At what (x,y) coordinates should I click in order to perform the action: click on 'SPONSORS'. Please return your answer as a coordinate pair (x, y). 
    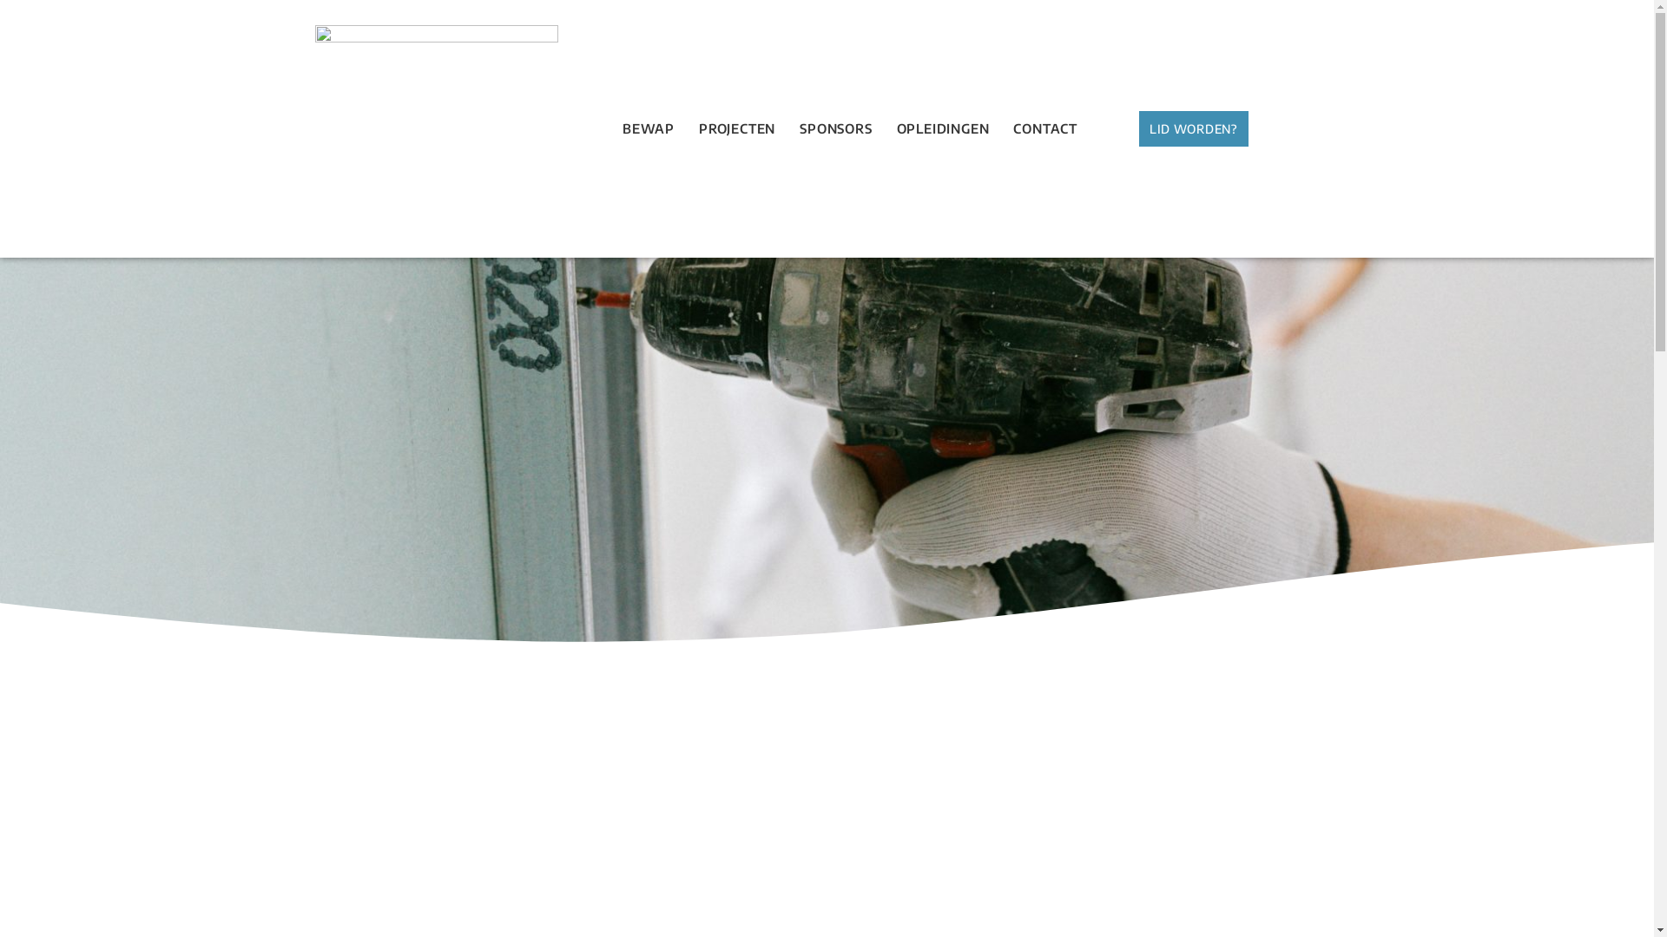
    Looking at the image, I should click on (835, 128).